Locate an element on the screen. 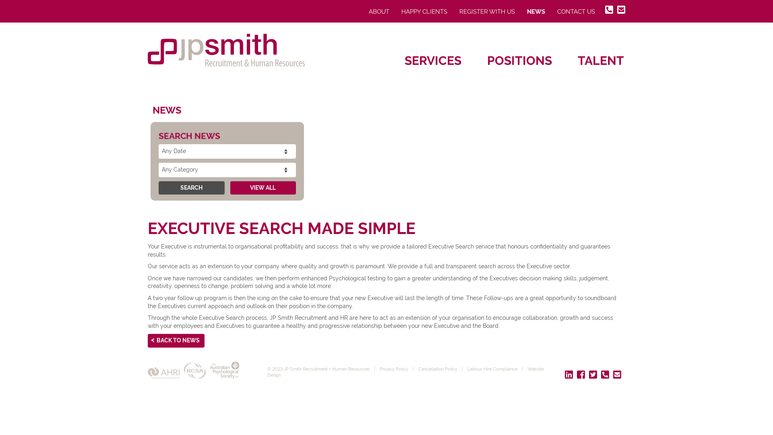 The image size is (773, 435). 'REGISTER WITH US' is located at coordinates (486, 12).